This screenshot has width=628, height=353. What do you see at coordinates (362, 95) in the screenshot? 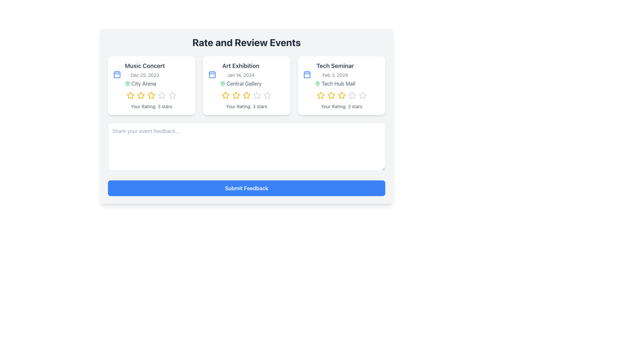
I see `the 5th star in the 'Tech Seminar' rating section` at bounding box center [362, 95].